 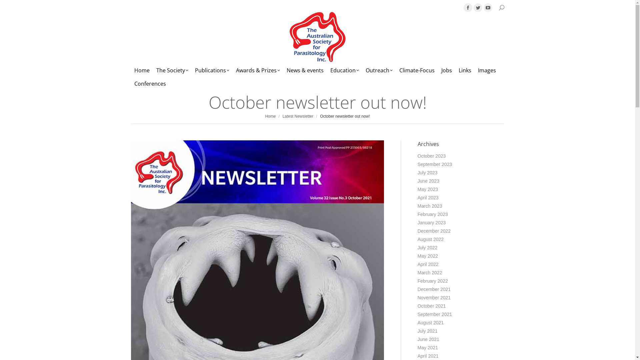 I want to click on 'July 2023', so click(x=427, y=172).